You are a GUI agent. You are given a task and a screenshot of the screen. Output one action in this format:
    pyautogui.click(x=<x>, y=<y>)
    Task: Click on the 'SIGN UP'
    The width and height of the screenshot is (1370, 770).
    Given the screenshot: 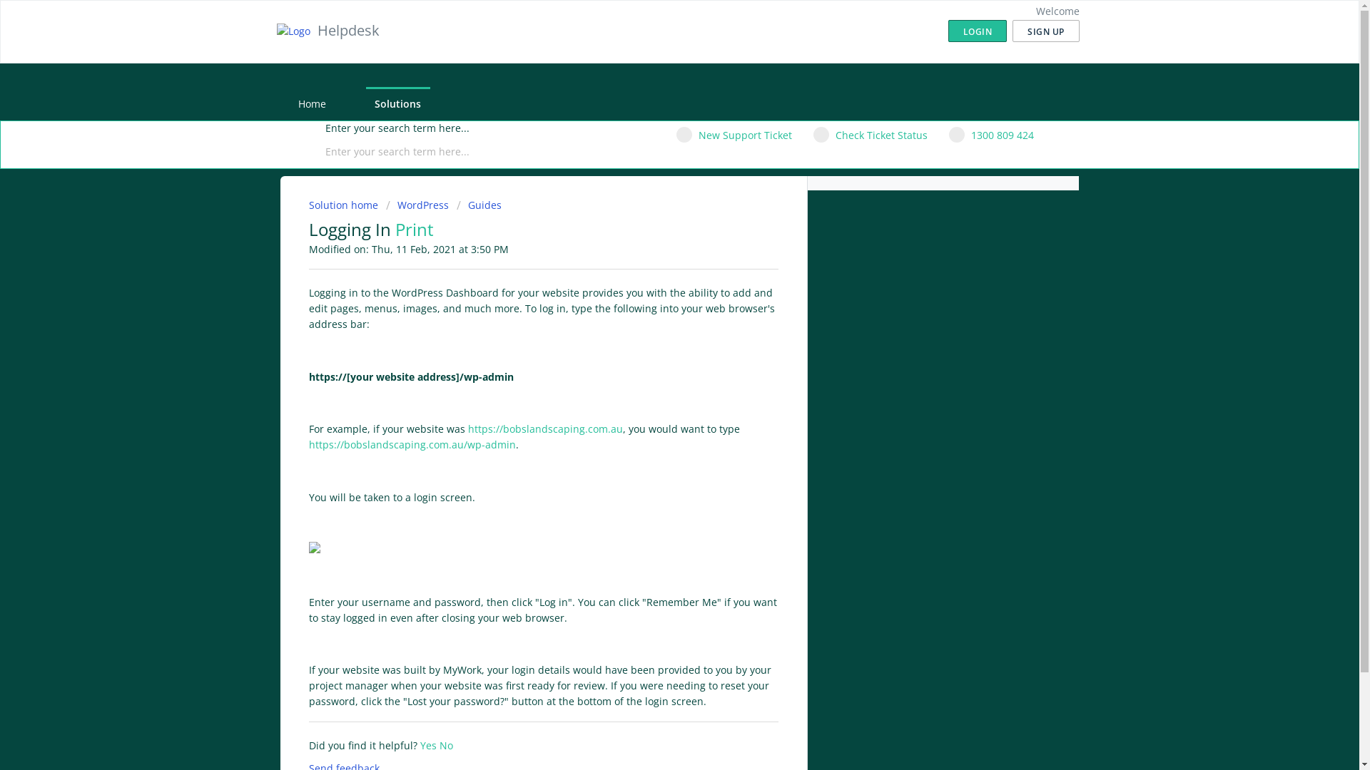 What is the action you would take?
    pyautogui.click(x=1045, y=31)
    